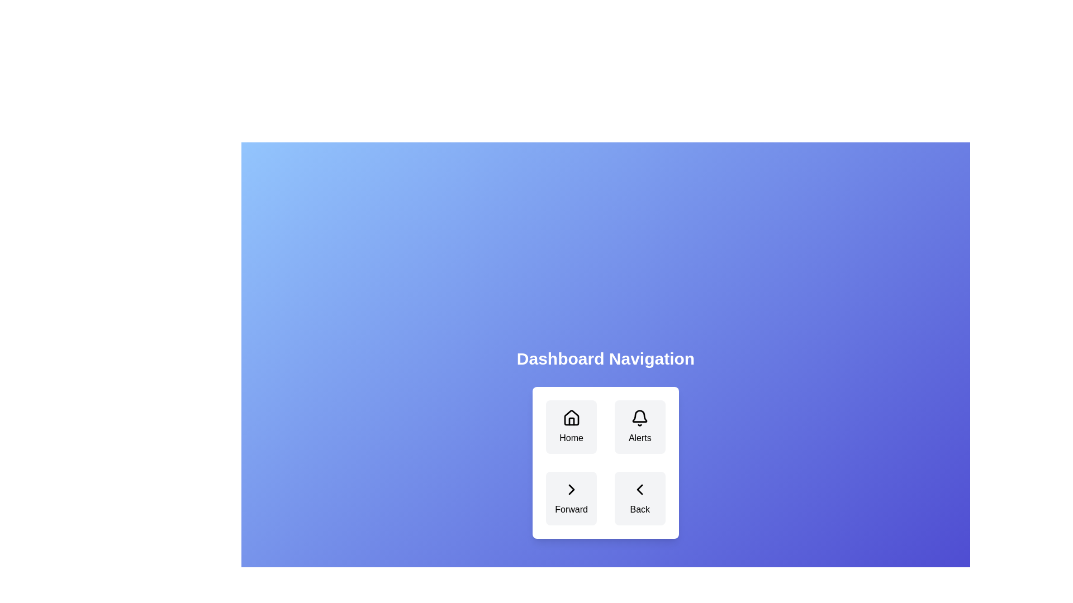 This screenshot has width=1073, height=603. Describe the element at coordinates (640, 489) in the screenshot. I see `the left-pointing chevron icon of the 'Back' button located at the bottom right corner of the dashboard` at that location.